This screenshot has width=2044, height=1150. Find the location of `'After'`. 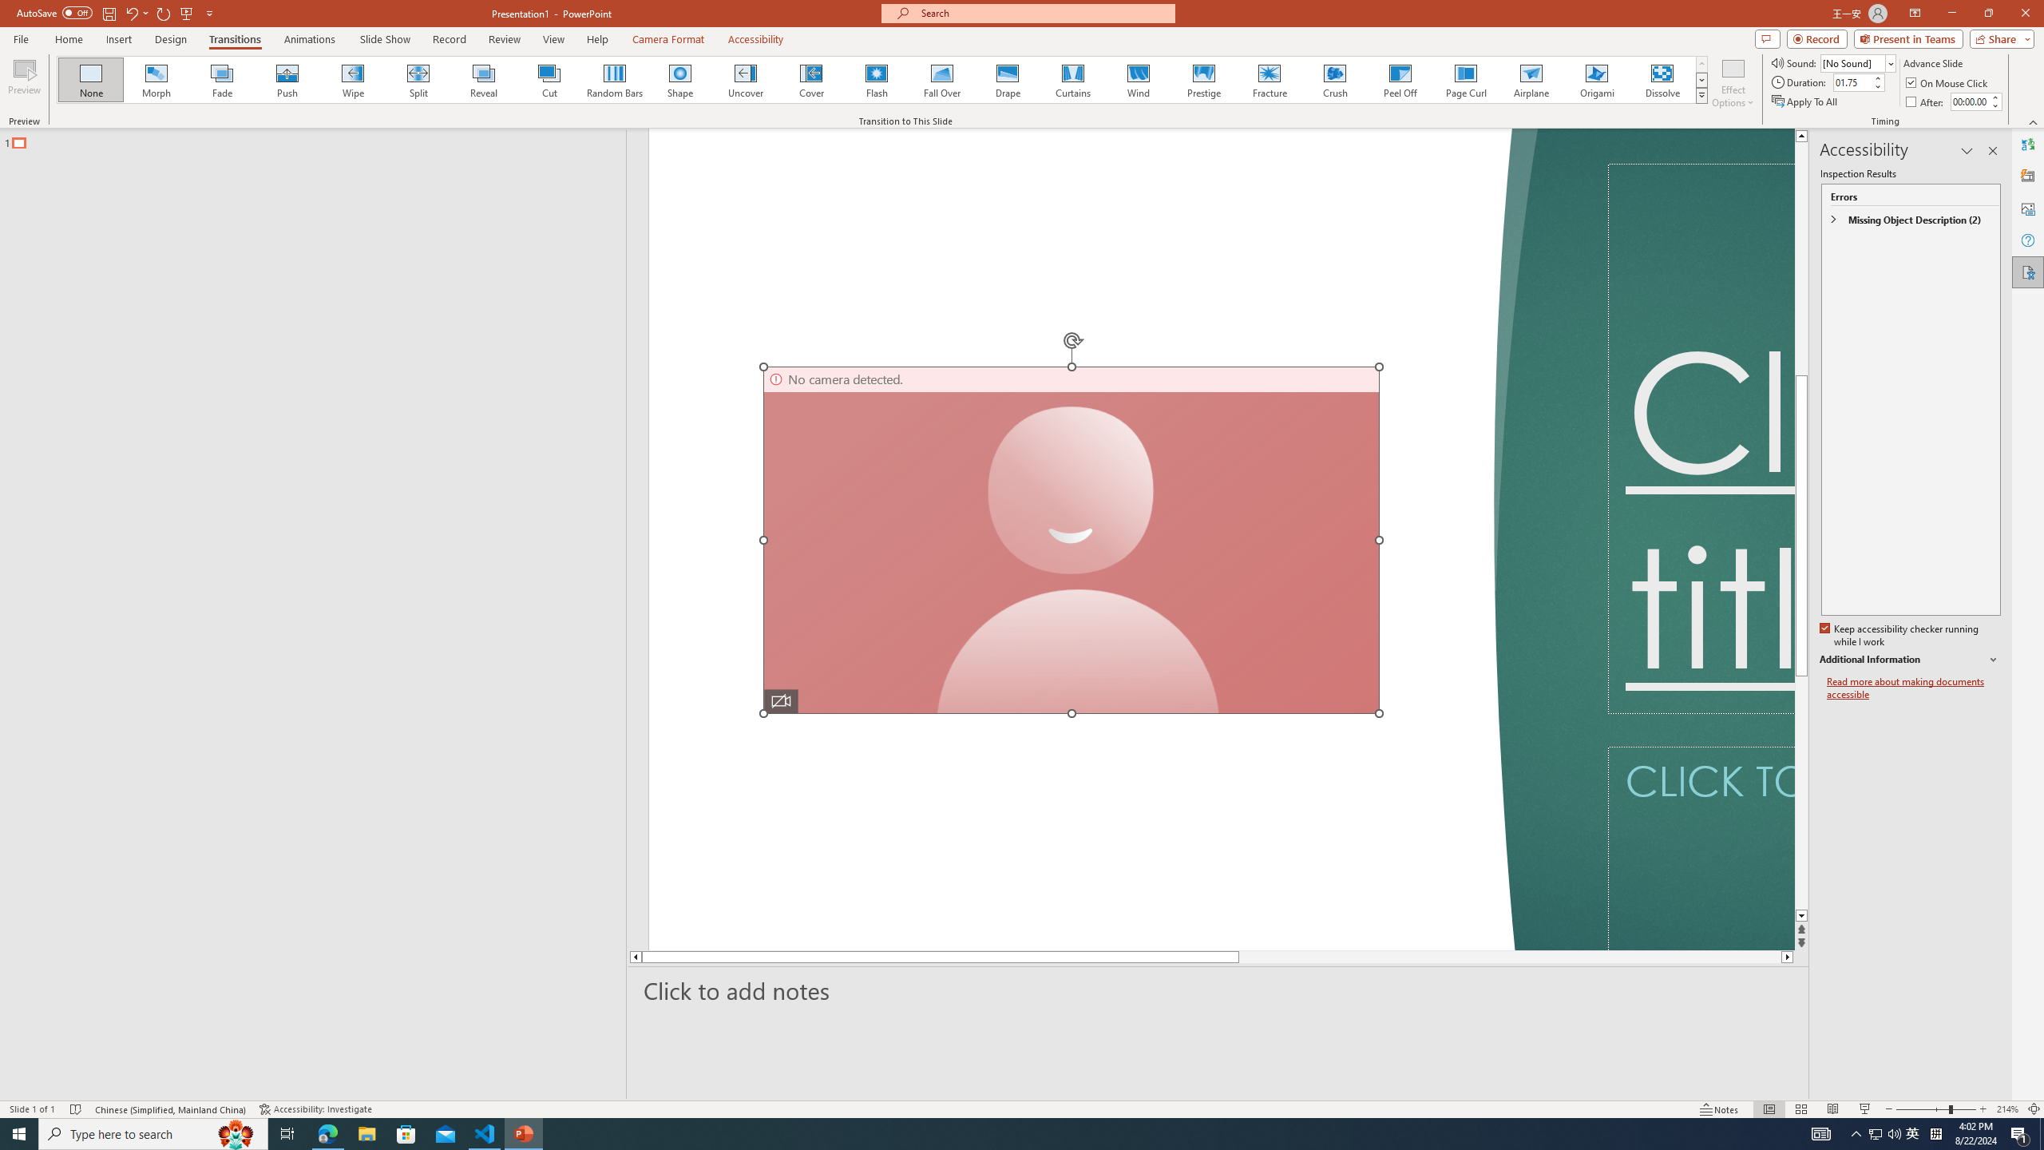

'After' is located at coordinates (1926, 101).